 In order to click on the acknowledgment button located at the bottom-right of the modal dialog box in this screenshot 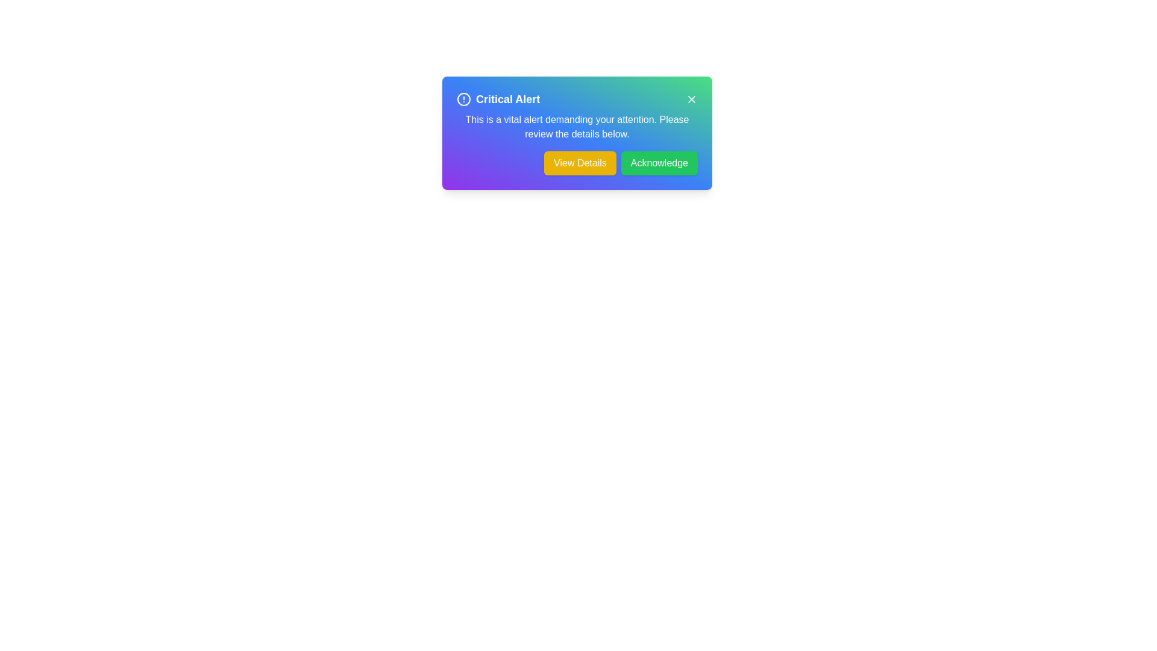, I will do `click(659, 163)`.